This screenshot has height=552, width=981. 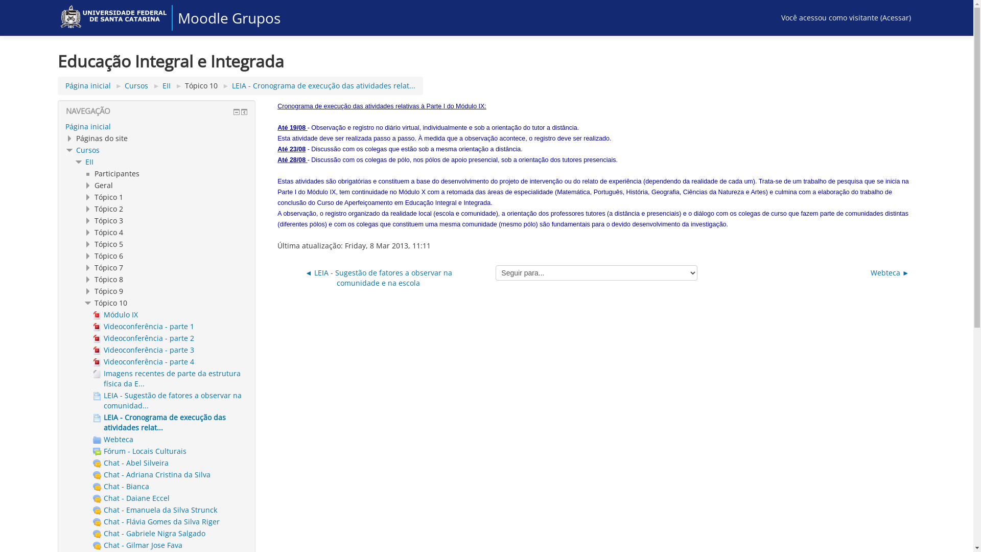 I want to click on 'Chat', so click(x=97, y=475).